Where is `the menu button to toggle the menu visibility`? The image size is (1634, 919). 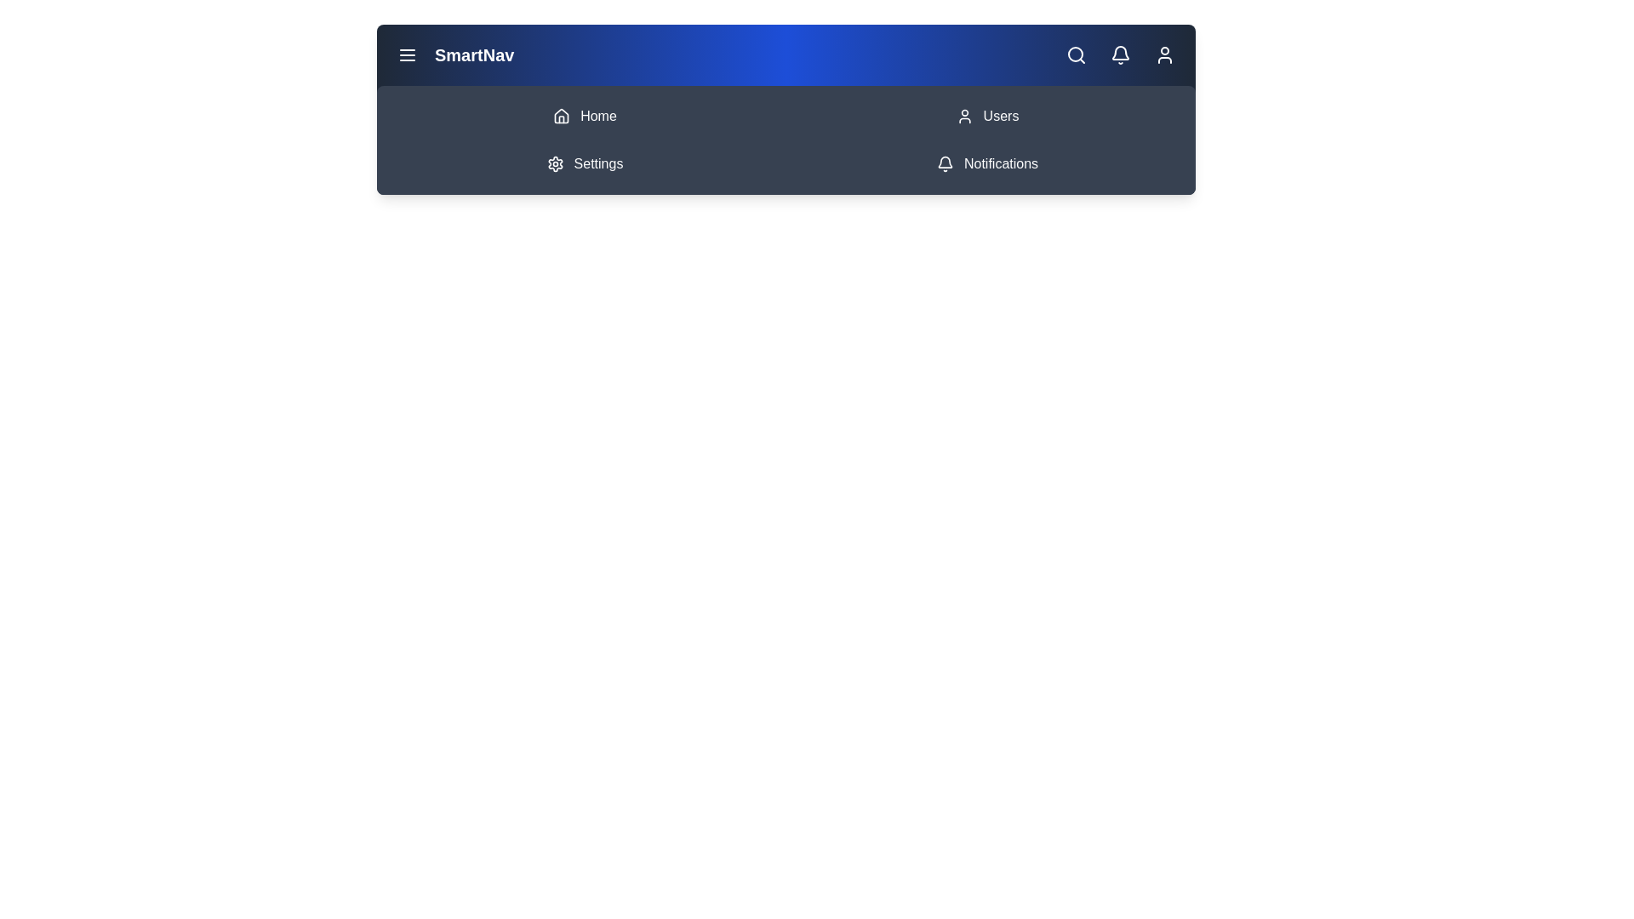
the menu button to toggle the menu visibility is located at coordinates (407, 54).